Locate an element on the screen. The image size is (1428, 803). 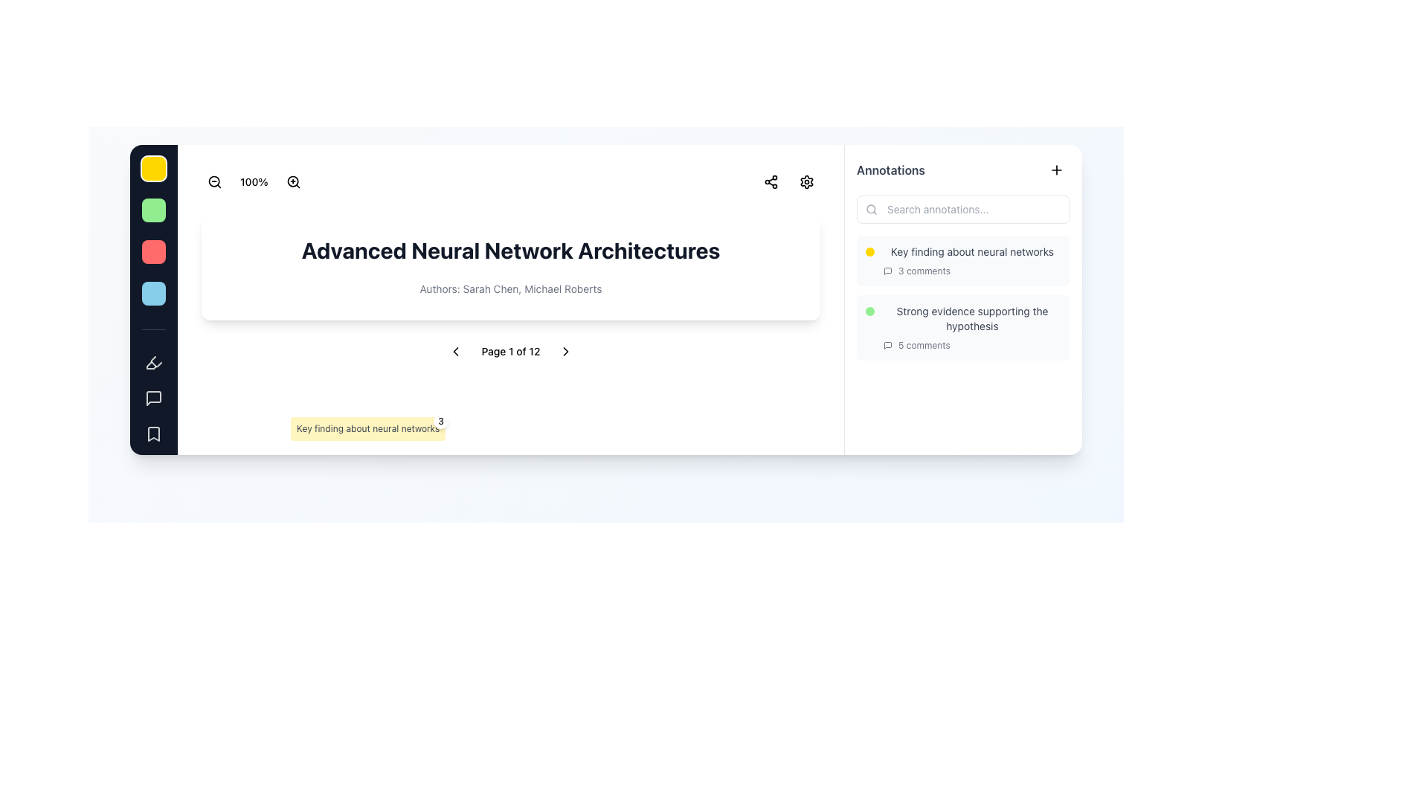
the chevron icon button located to the right of the text 'Page 1 of 12' is located at coordinates (565, 352).